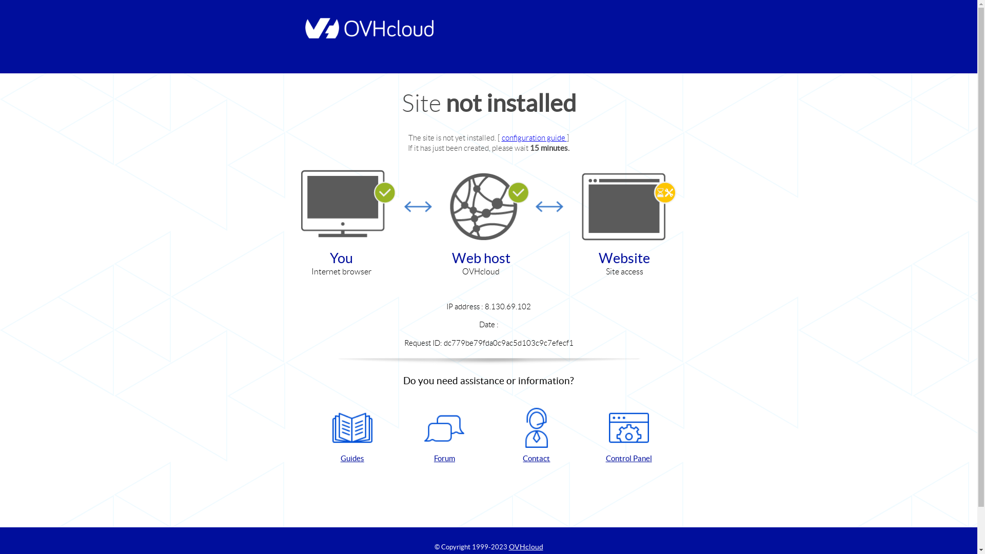 This screenshot has height=554, width=985. I want to click on 'Control Panel', so click(628, 436).